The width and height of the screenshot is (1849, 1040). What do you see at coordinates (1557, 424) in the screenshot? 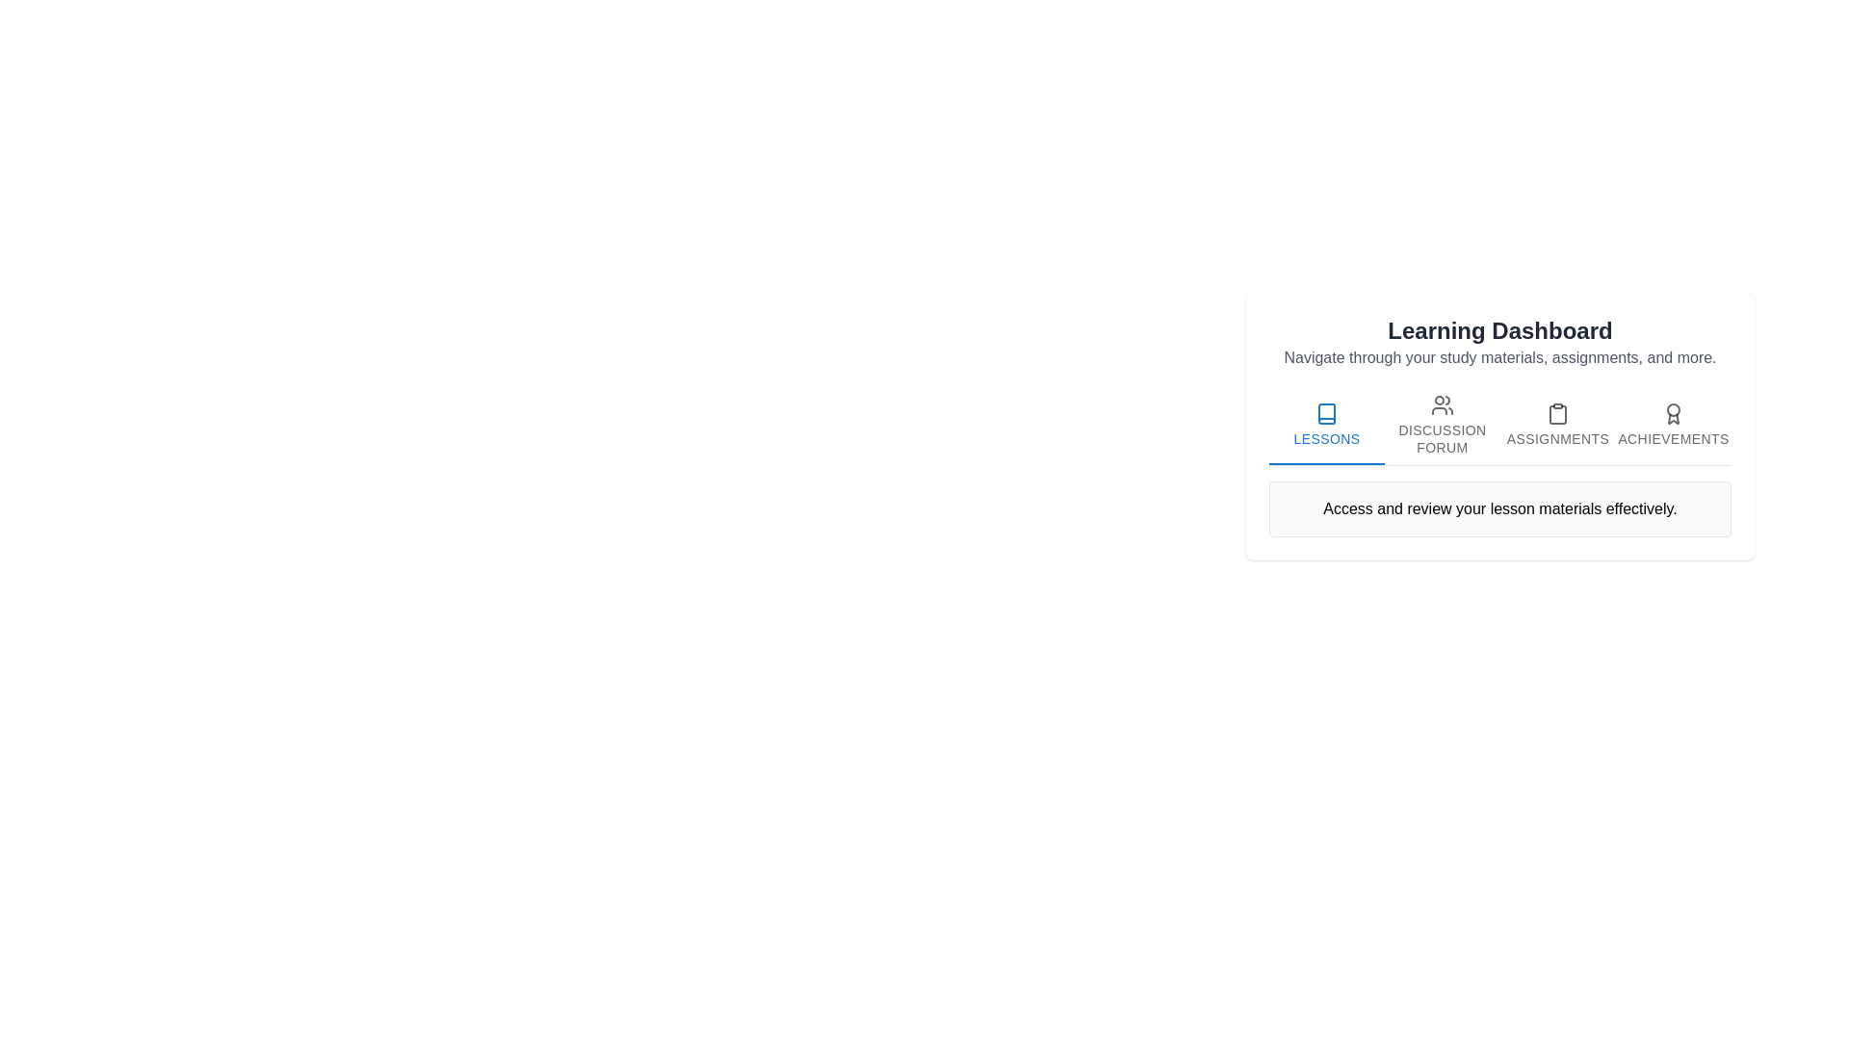
I see `the 'Assignments' tab, which features a clipboard icon above the text label` at bounding box center [1557, 424].